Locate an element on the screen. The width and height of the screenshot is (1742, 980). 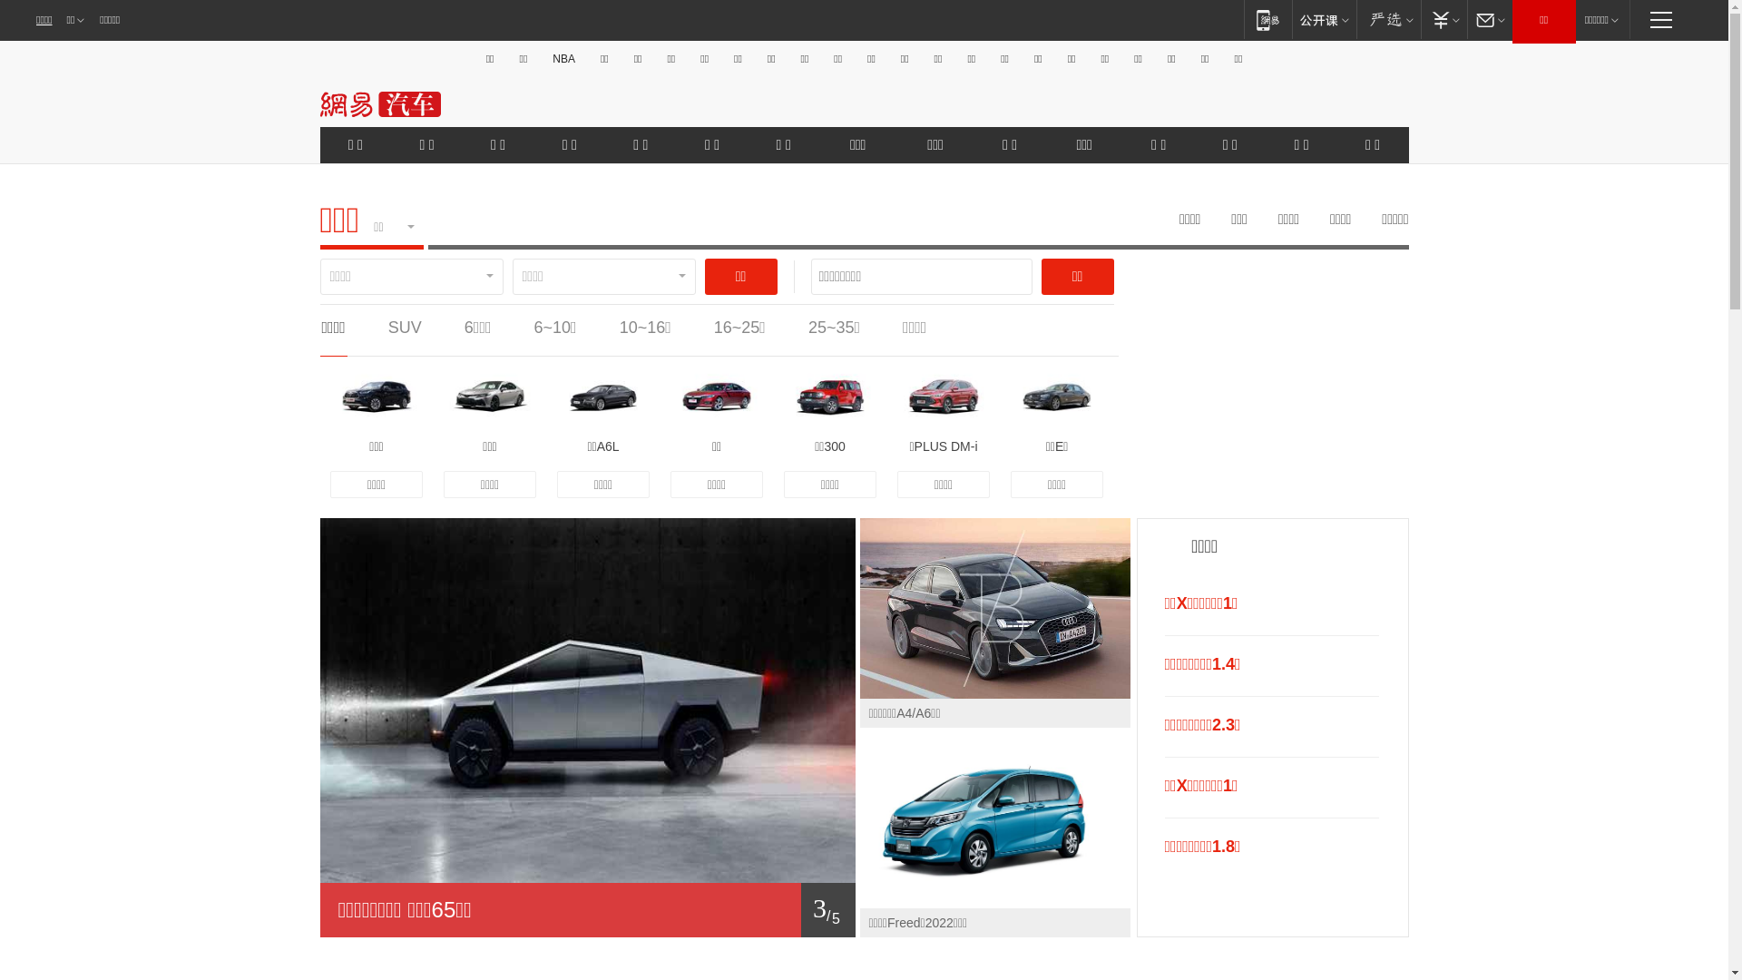
'NBA' is located at coordinates (563, 58).